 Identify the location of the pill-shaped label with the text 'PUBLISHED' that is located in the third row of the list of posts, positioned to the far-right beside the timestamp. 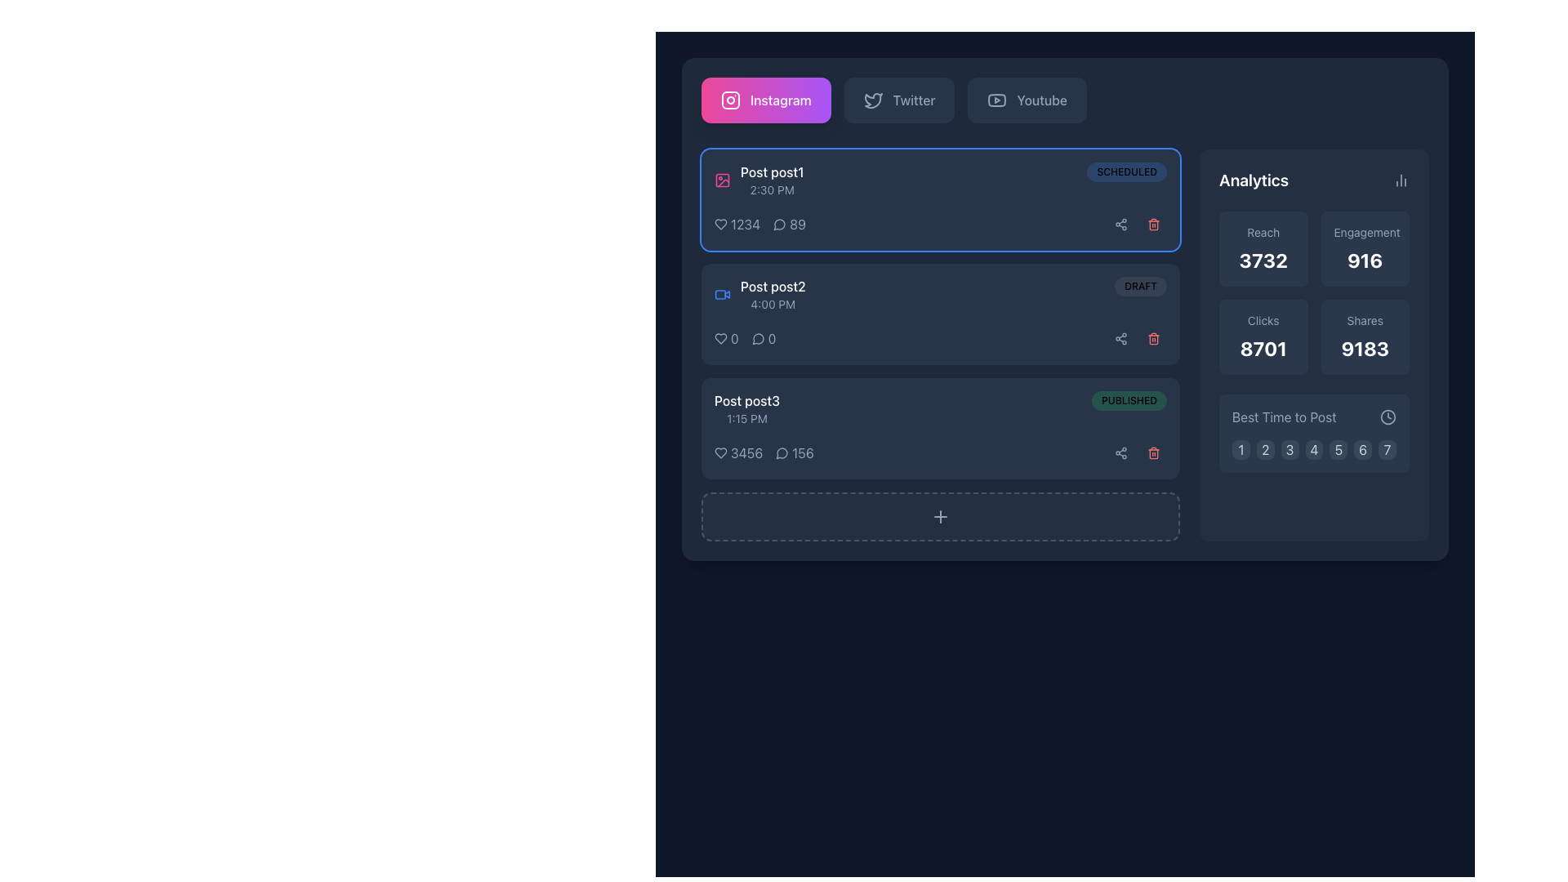
(1128, 400).